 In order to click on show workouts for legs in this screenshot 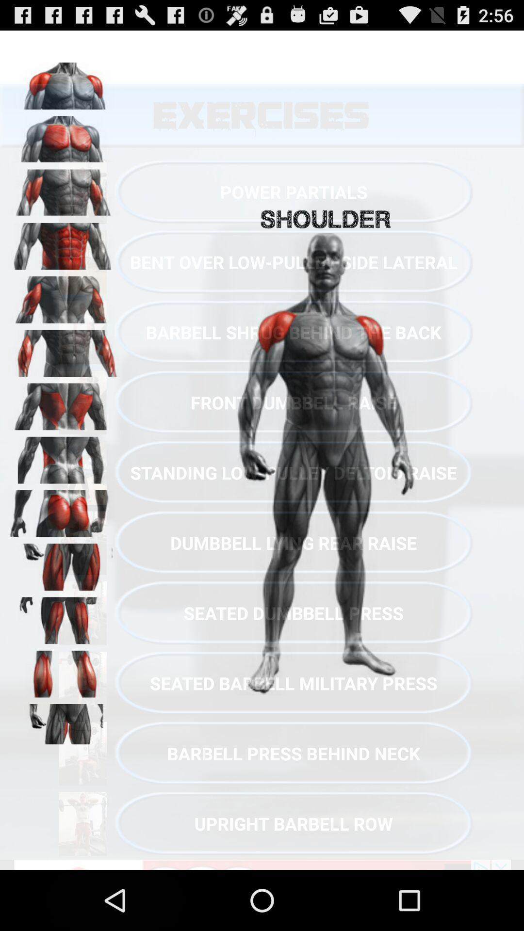, I will do `click(64, 563)`.